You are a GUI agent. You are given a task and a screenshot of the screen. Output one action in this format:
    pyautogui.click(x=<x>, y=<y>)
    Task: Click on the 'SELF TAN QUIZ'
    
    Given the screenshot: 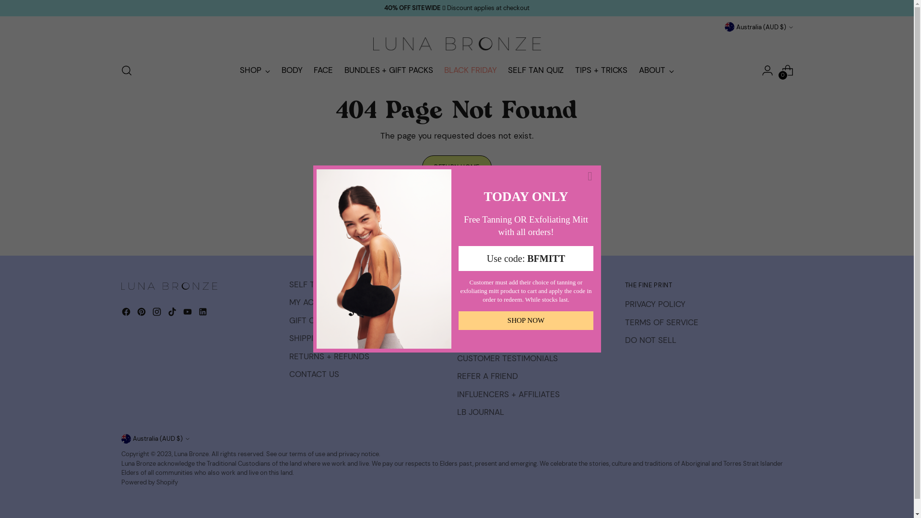 What is the action you would take?
    pyautogui.click(x=508, y=70)
    